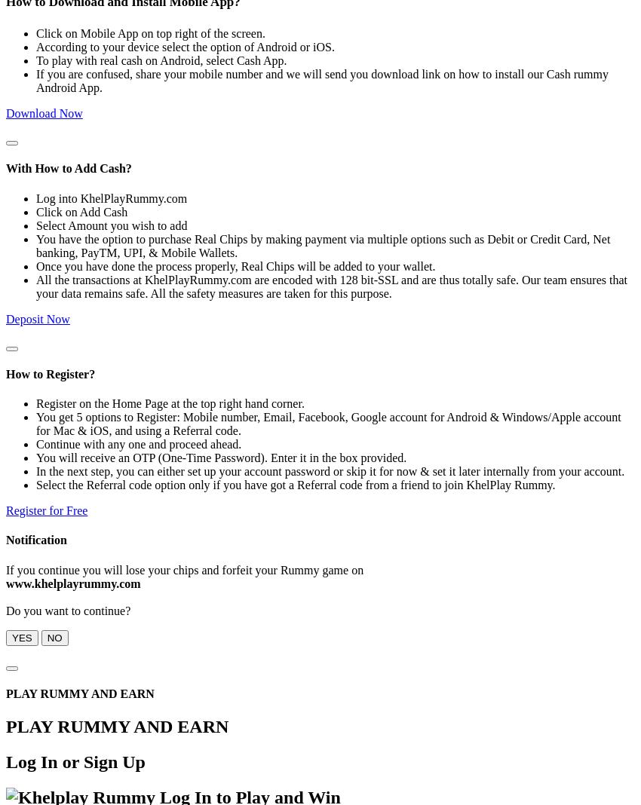  Describe the element at coordinates (74, 761) in the screenshot. I see `'Log In or Sign Up'` at that location.